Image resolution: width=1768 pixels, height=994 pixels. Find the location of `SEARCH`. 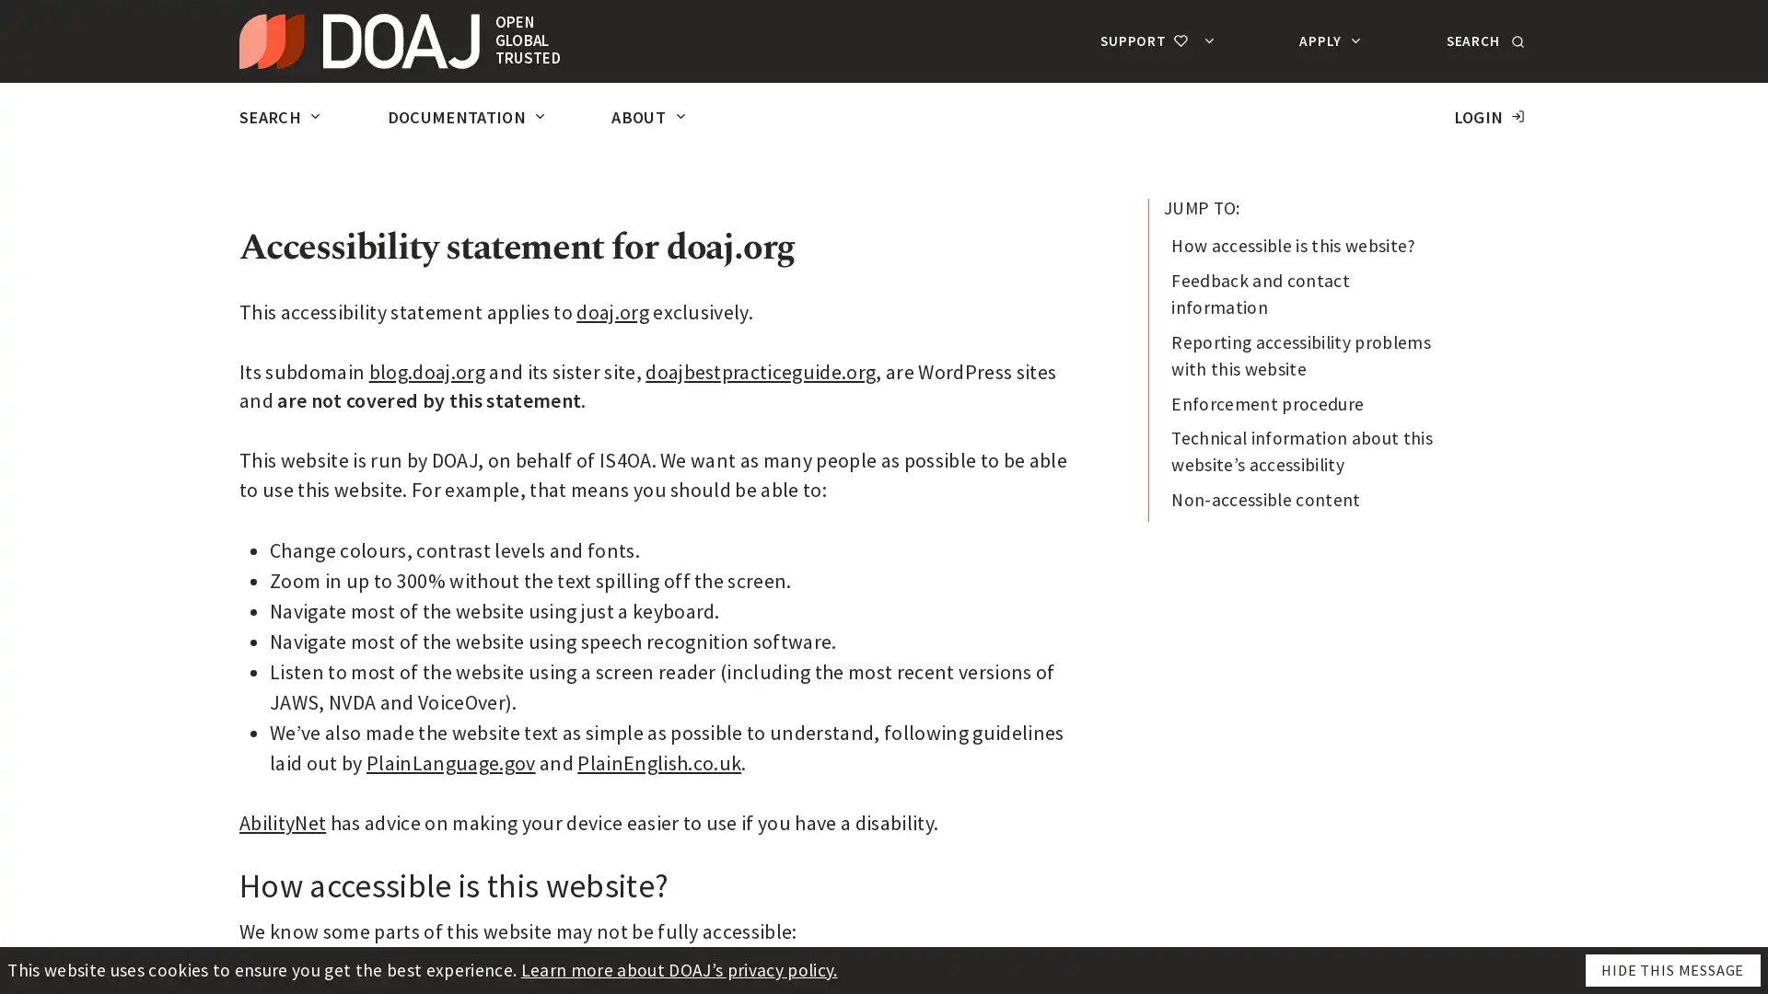

SEARCH is located at coordinates (1483, 40).